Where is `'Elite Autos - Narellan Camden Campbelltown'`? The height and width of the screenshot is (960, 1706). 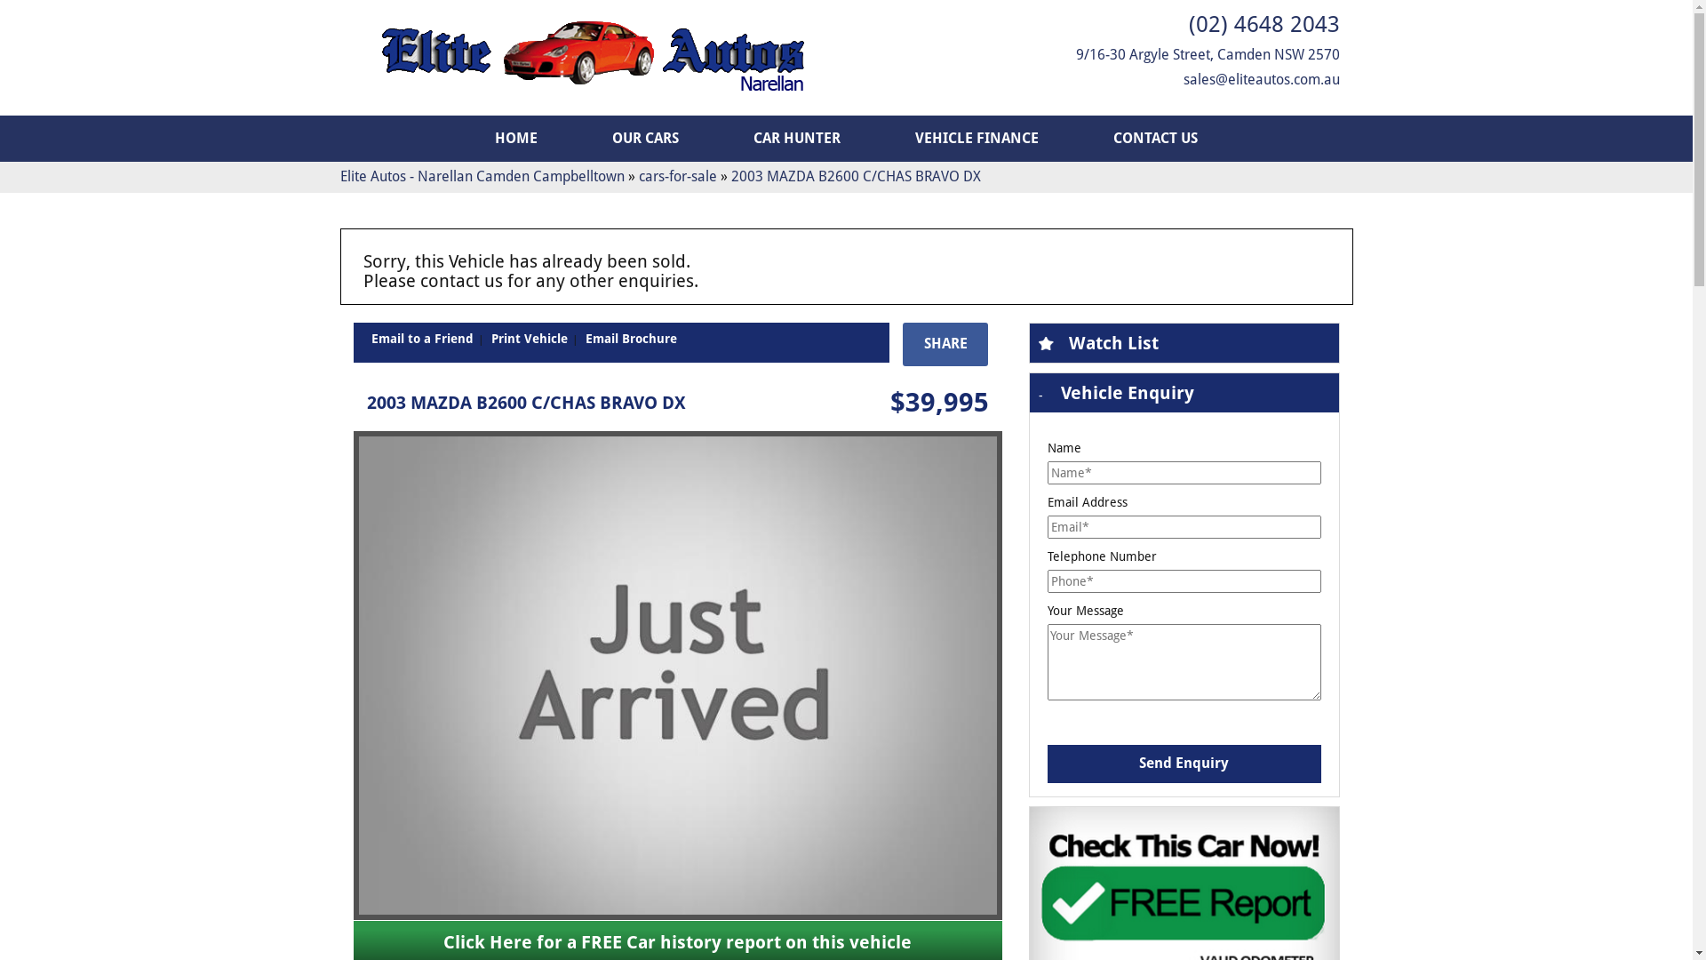 'Elite Autos - Narellan Camden Campbelltown' is located at coordinates (482, 176).